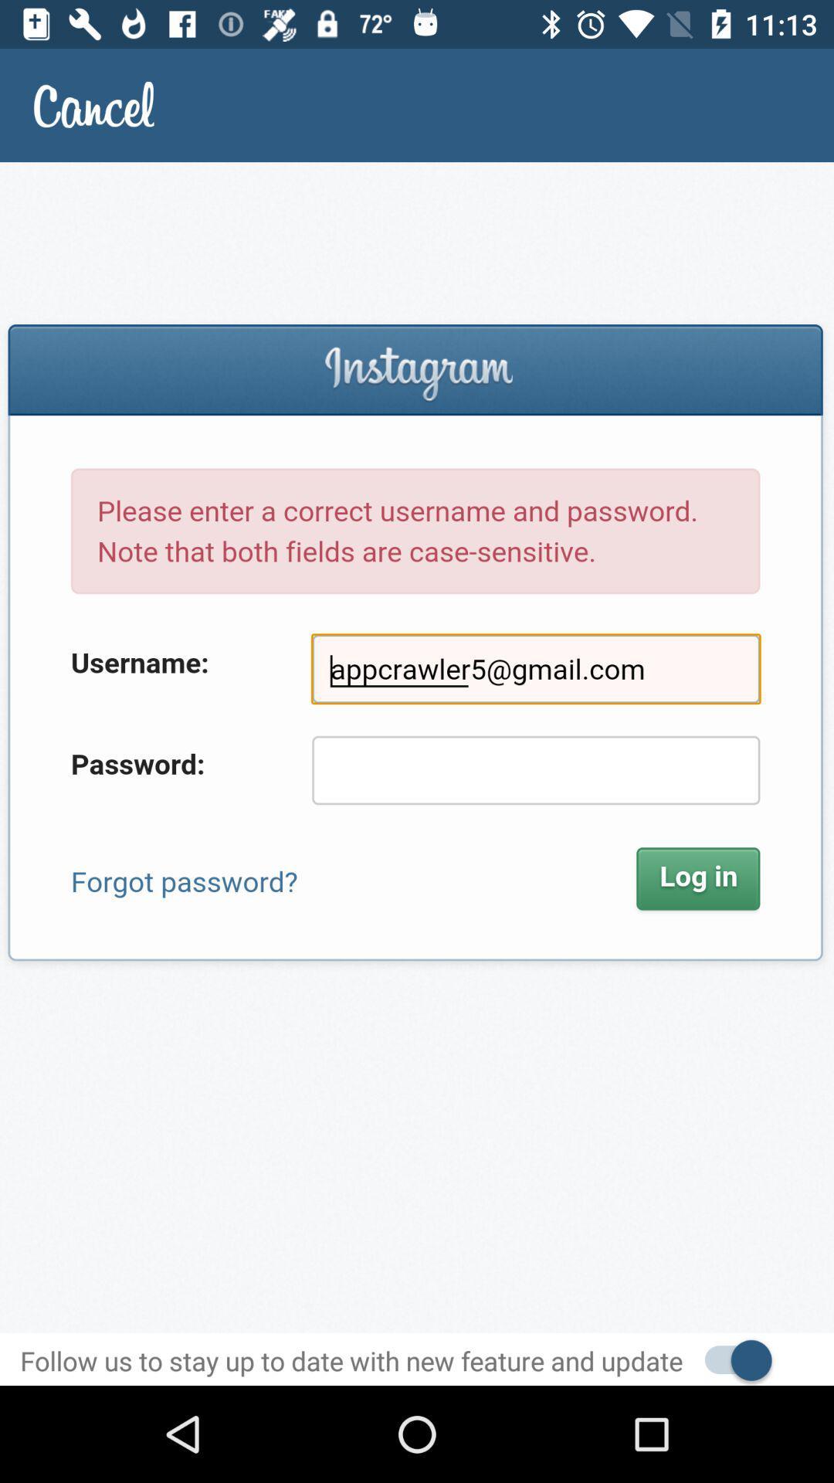  What do you see at coordinates (730, 1358) in the screenshot?
I see `for update` at bounding box center [730, 1358].